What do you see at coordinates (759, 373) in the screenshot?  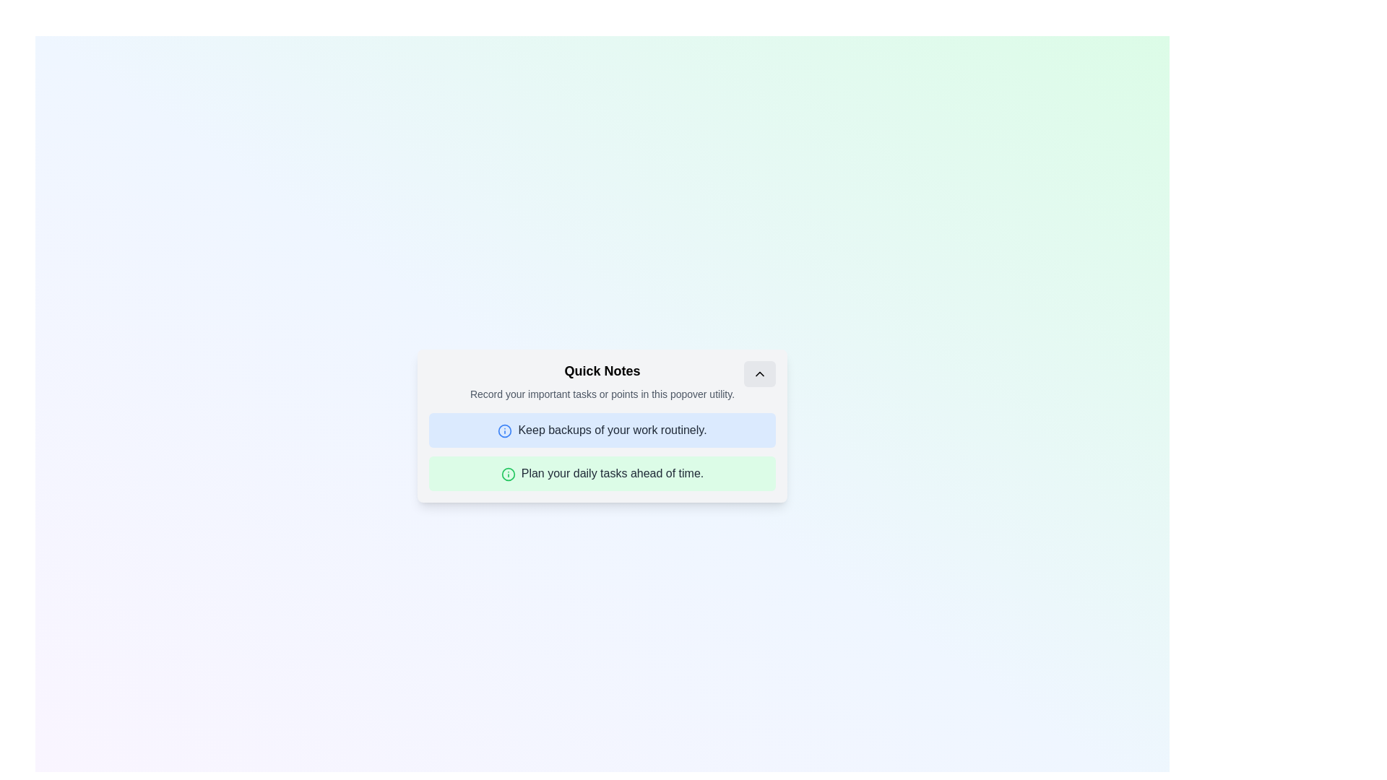 I see `the button in the top-right corner of the 'Quick Notes' popover` at bounding box center [759, 373].